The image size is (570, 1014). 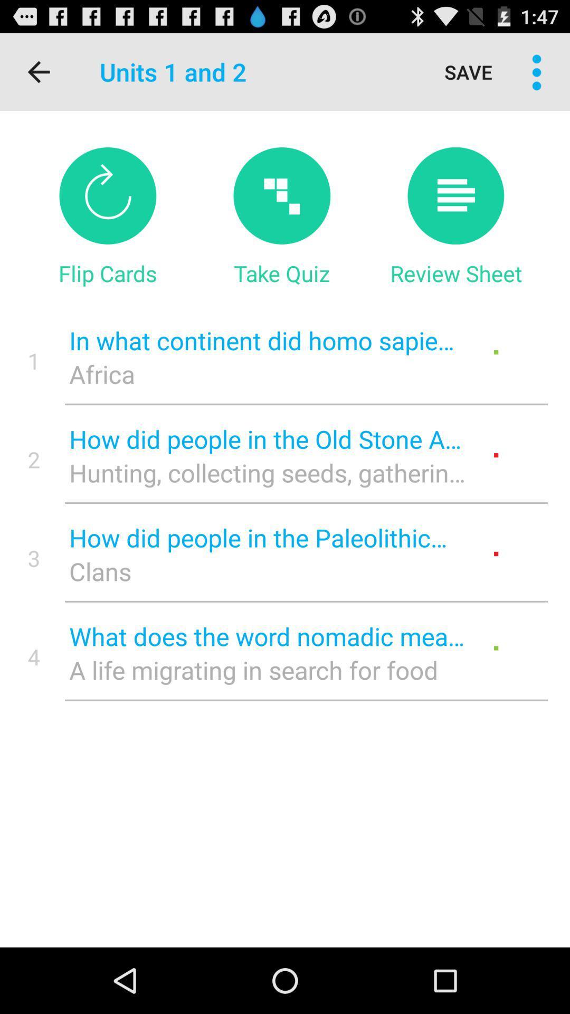 I want to click on the clans, so click(x=267, y=570).